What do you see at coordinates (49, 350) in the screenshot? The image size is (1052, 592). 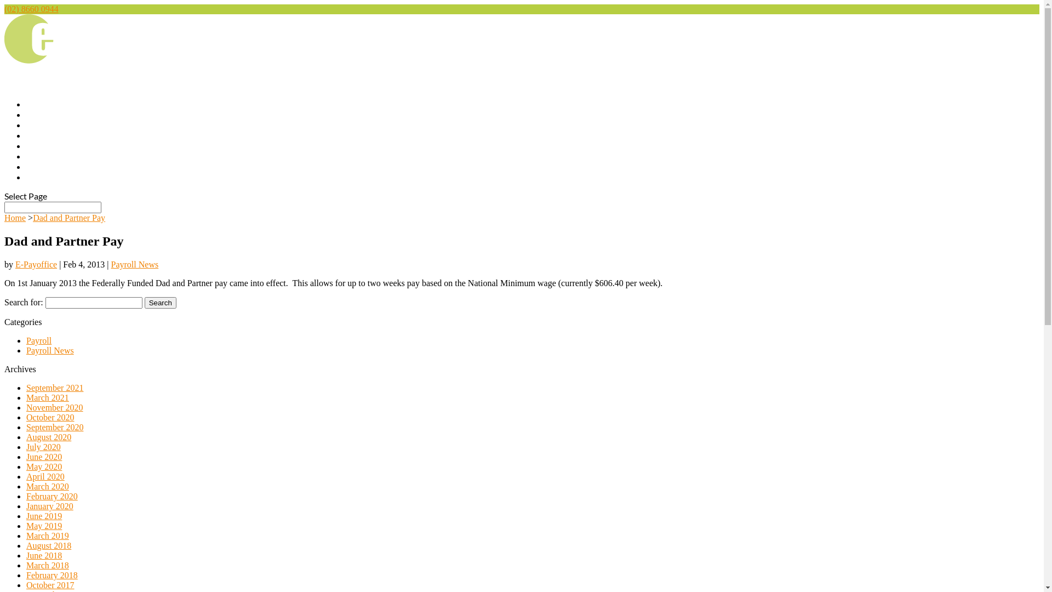 I see `'Payroll News'` at bounding box center [49, 350].